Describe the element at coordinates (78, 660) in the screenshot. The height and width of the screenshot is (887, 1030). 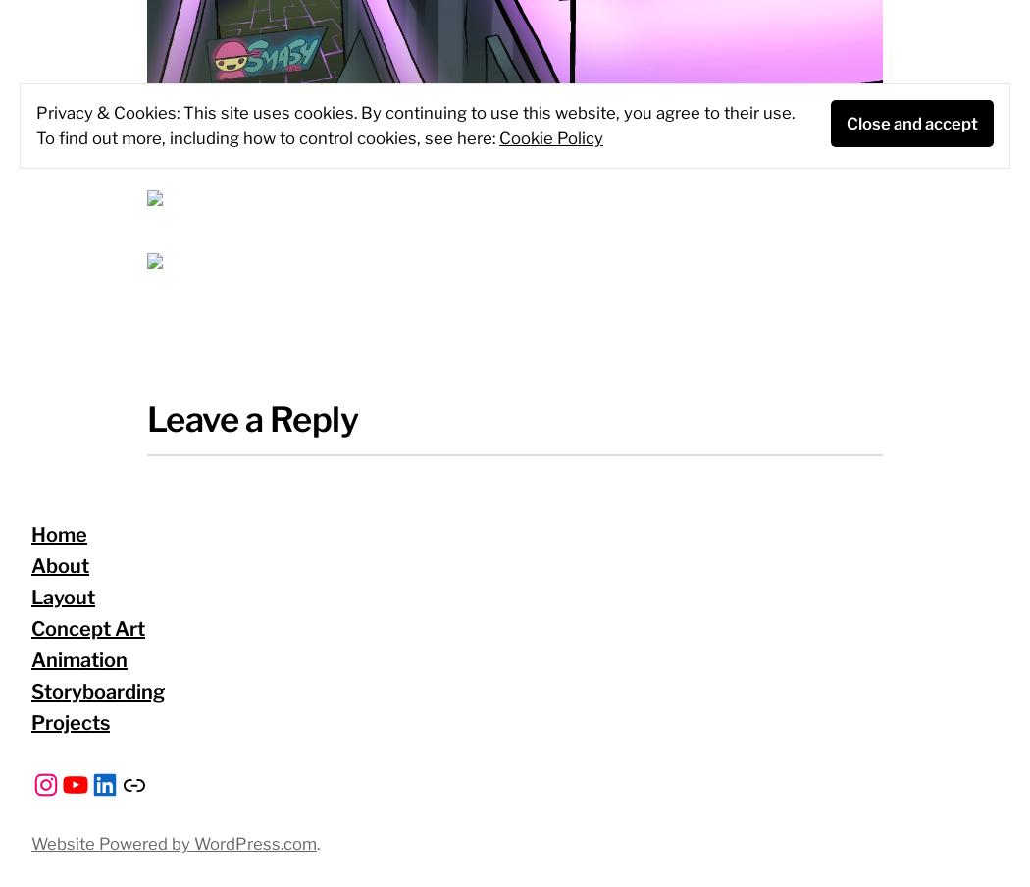
I see `'Animation'` at that location.